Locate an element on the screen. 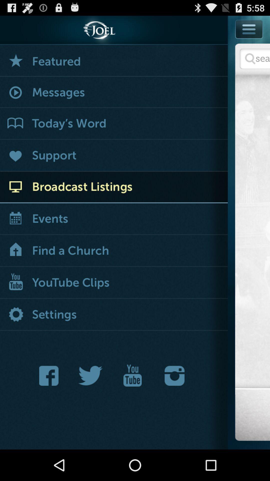 This screenshot has height=481, width=270. open youtube clips is located at coordinates (114, 283).